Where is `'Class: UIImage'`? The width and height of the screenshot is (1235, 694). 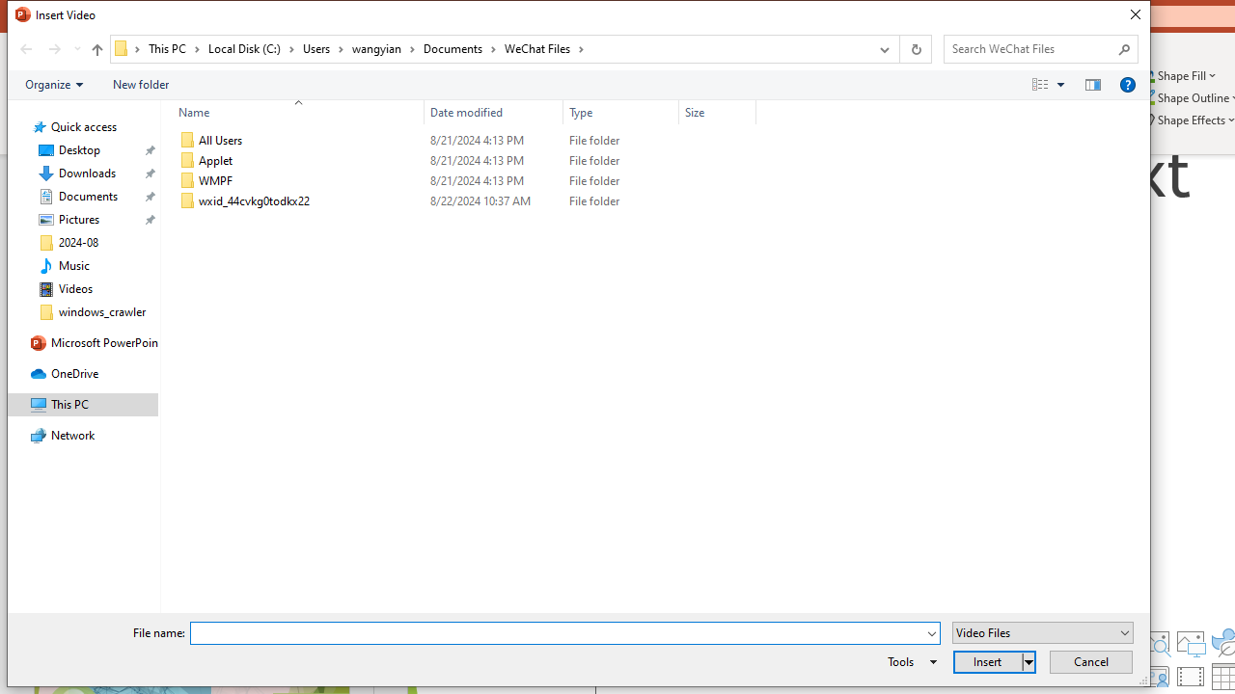 'Class: UIImage' is located at coordinates (187, 201).